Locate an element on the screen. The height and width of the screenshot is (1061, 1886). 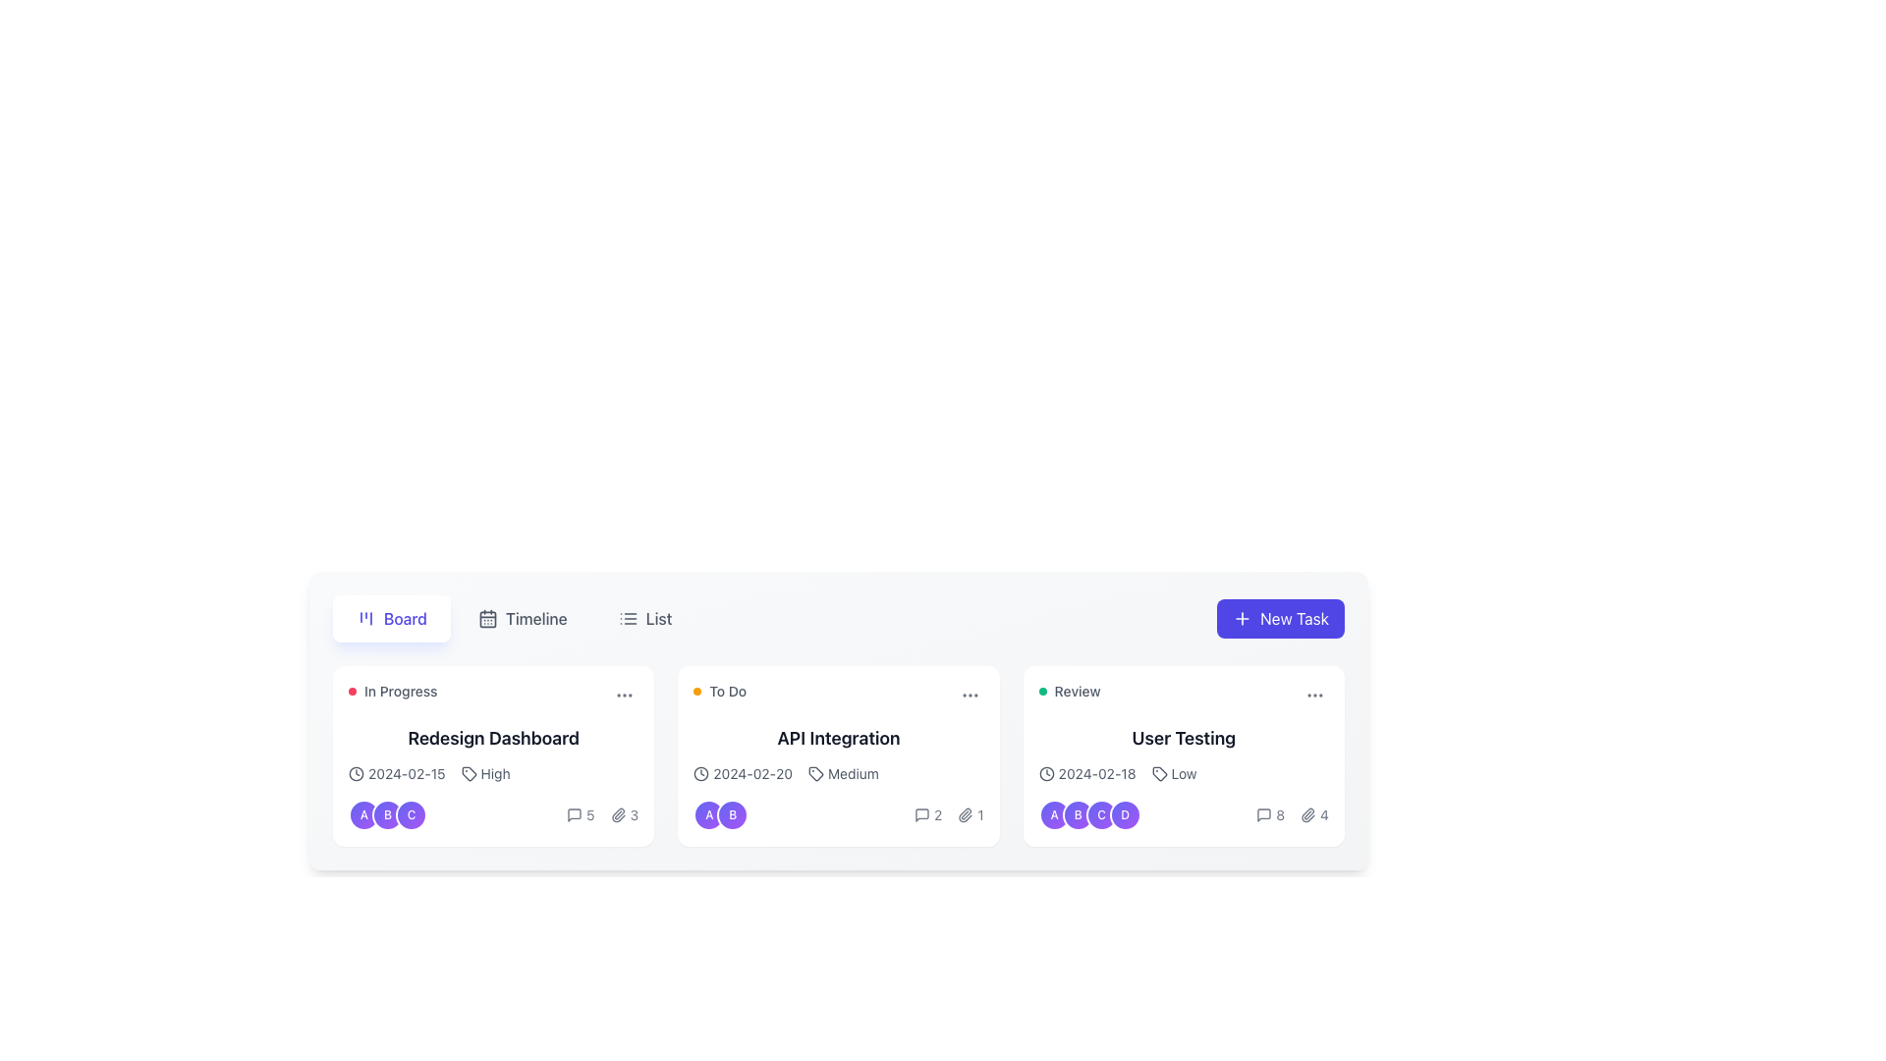
the fourth circular avatar or label element representing 'D', which is positioned to the rightmost side of its grouping is located at coordinates (1125, 814).